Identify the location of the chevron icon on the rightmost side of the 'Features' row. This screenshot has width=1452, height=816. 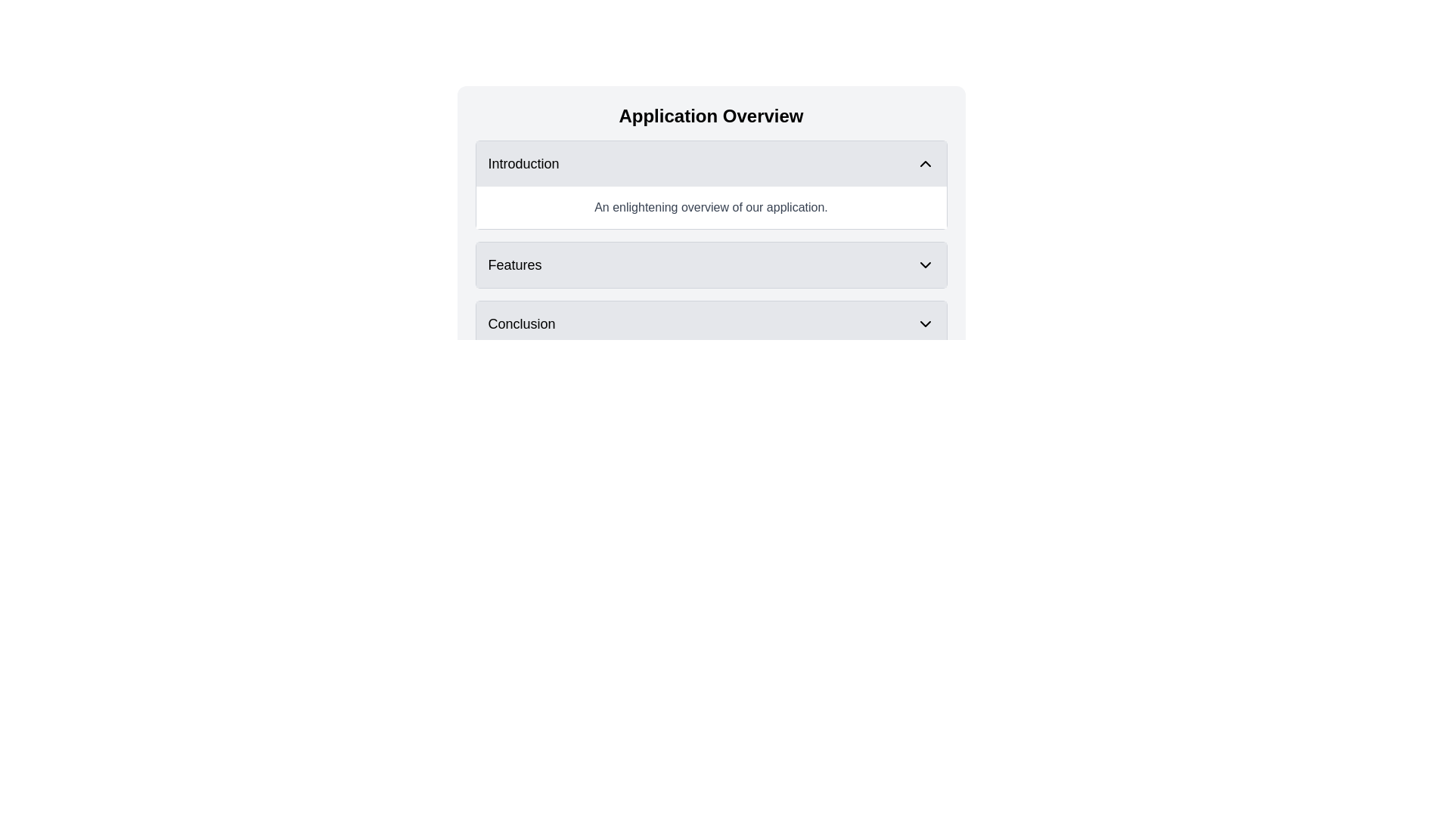
(924, 264).